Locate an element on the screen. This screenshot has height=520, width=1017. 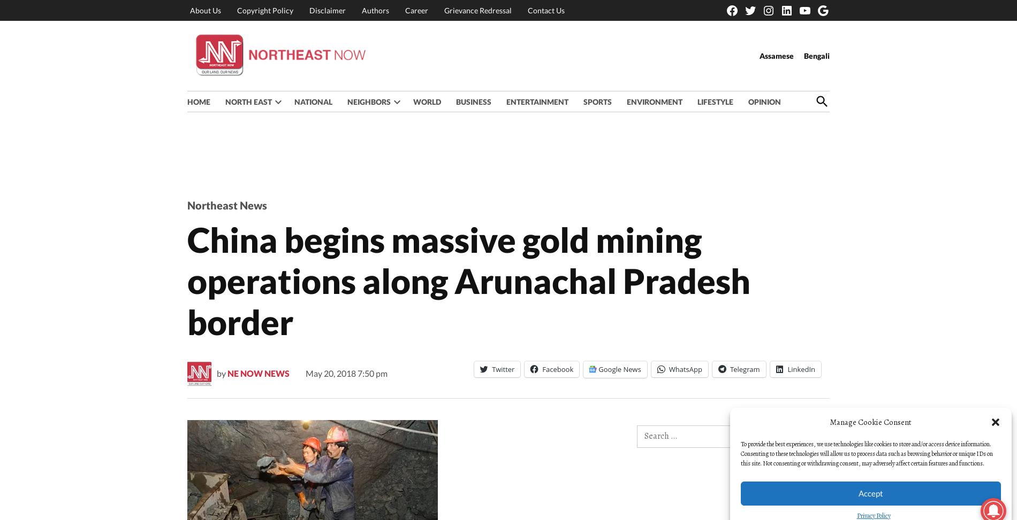
'Authors' is located at coordinates (375, 10).